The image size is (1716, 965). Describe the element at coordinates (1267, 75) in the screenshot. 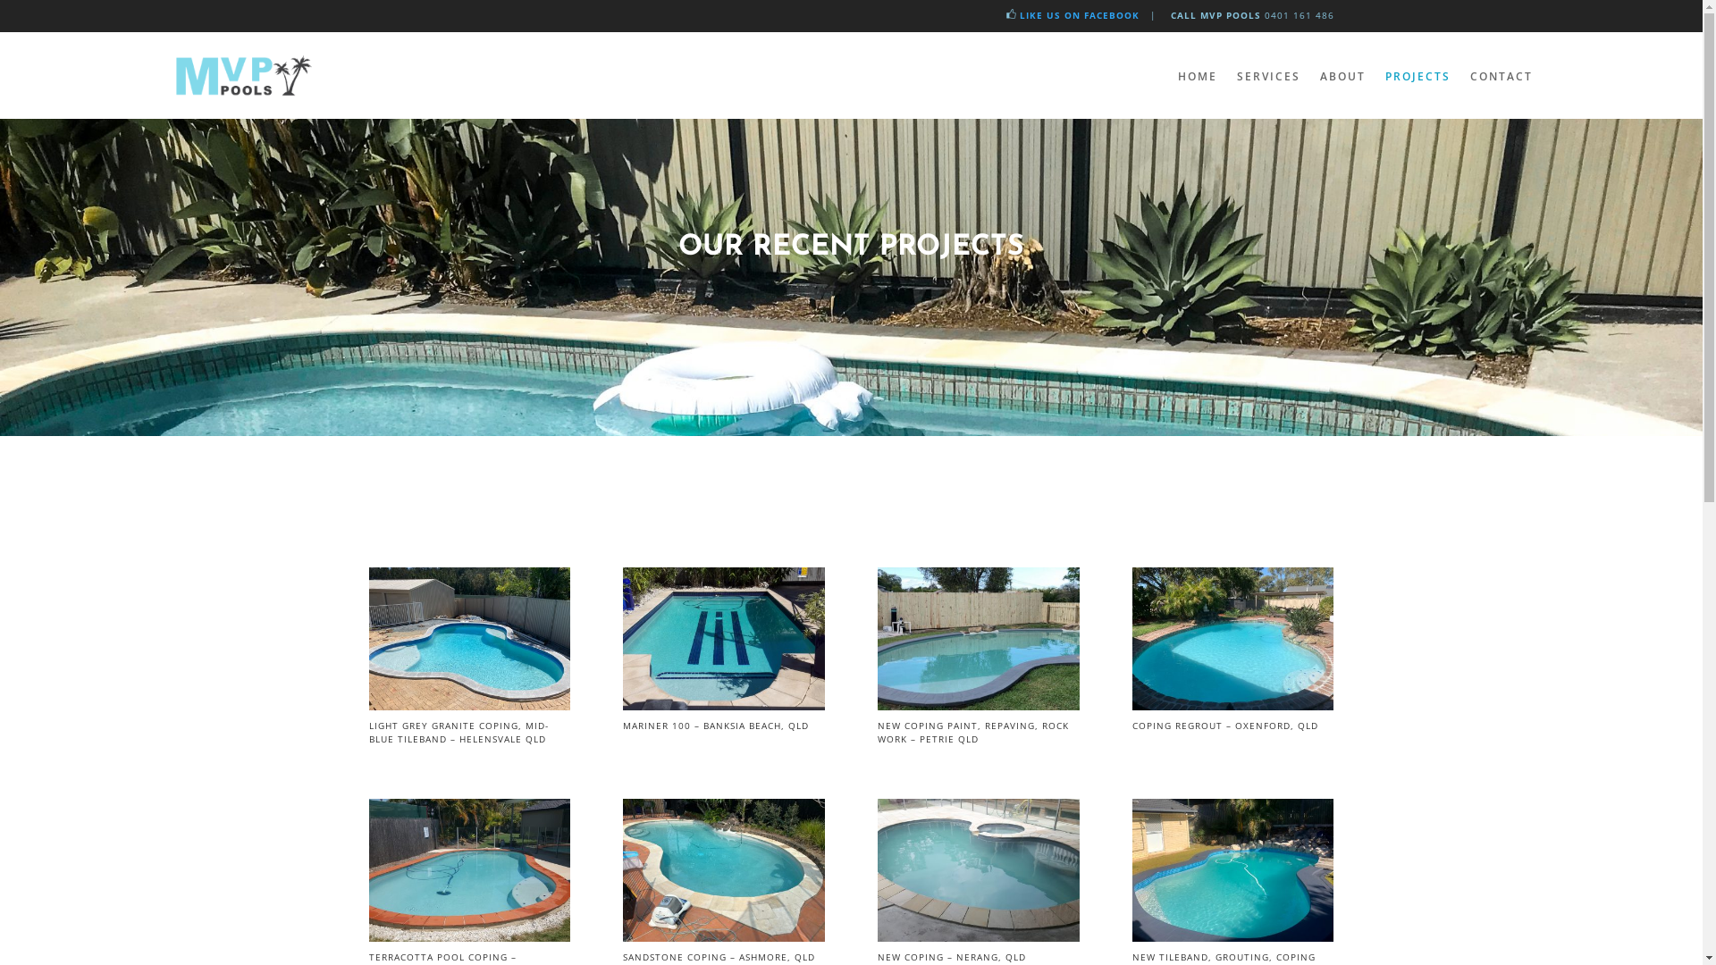

I see `'SERVICES'` at that location.